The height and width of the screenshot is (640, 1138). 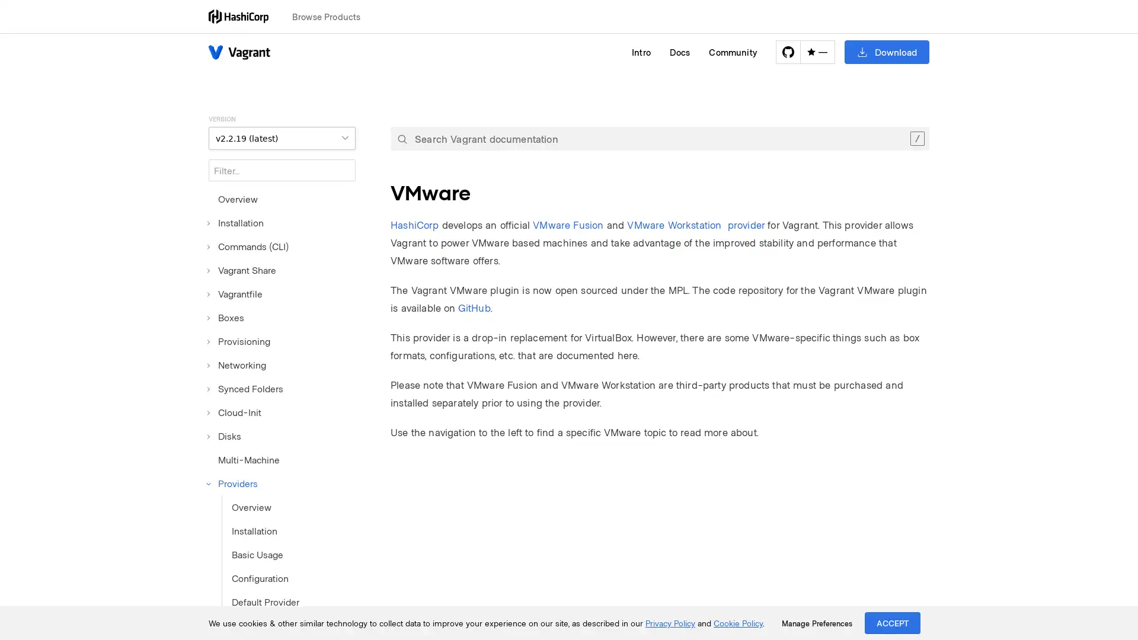 I want to click on Manage Preferences, so click(x=816, y=623).